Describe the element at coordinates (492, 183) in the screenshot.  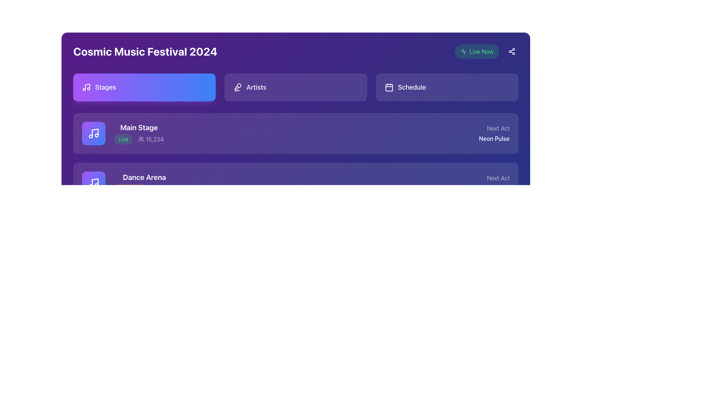
I see `the informational text label indicating the next scheduled event for the 'Dance Arena', located at the far right of the second row` at that location.